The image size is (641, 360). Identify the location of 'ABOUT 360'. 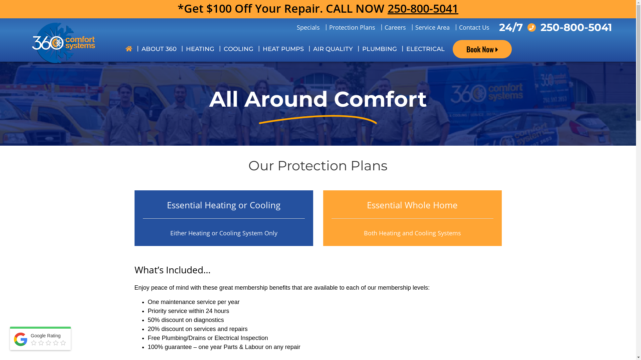
(159, 49).